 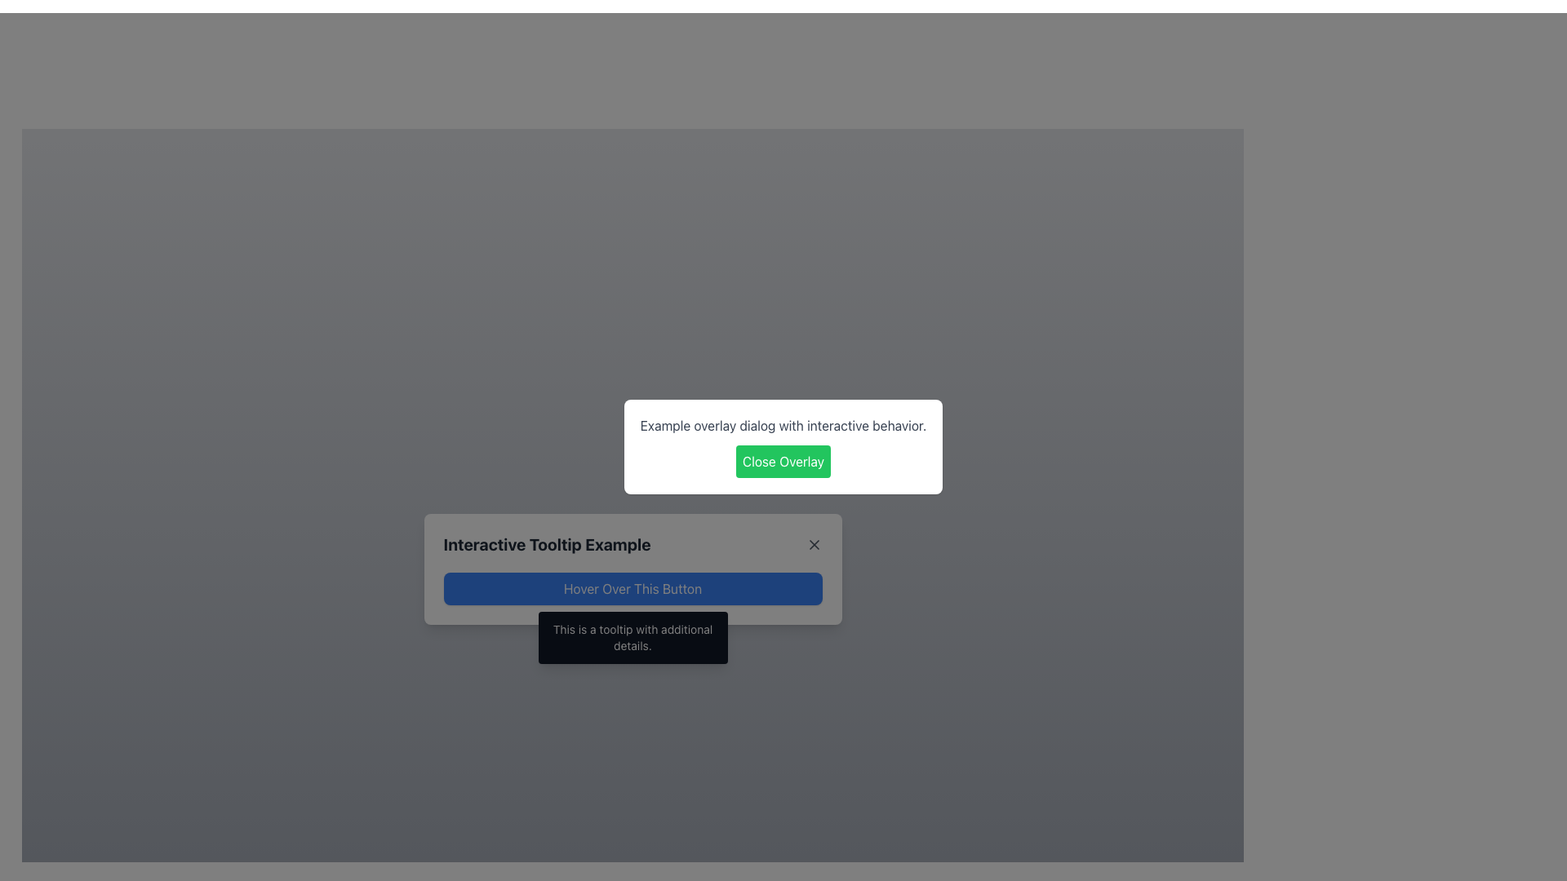 What do you see at coordinates (783, 462) in the screenshot?
I see `the close button located below the text 'Example overlay dialog with interactive behavior.' to hide the overlay dialog` at bounding box center [783, 462].